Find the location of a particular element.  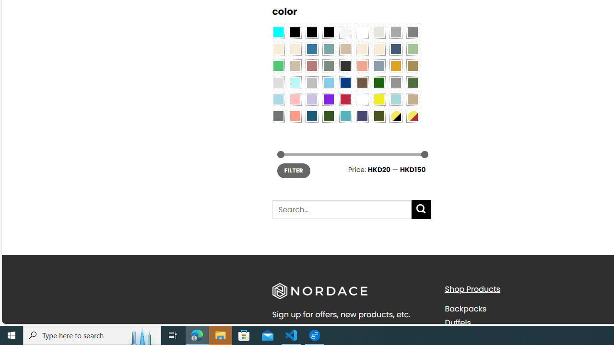

'Navy Blue' is located at coordinates (345, 82).